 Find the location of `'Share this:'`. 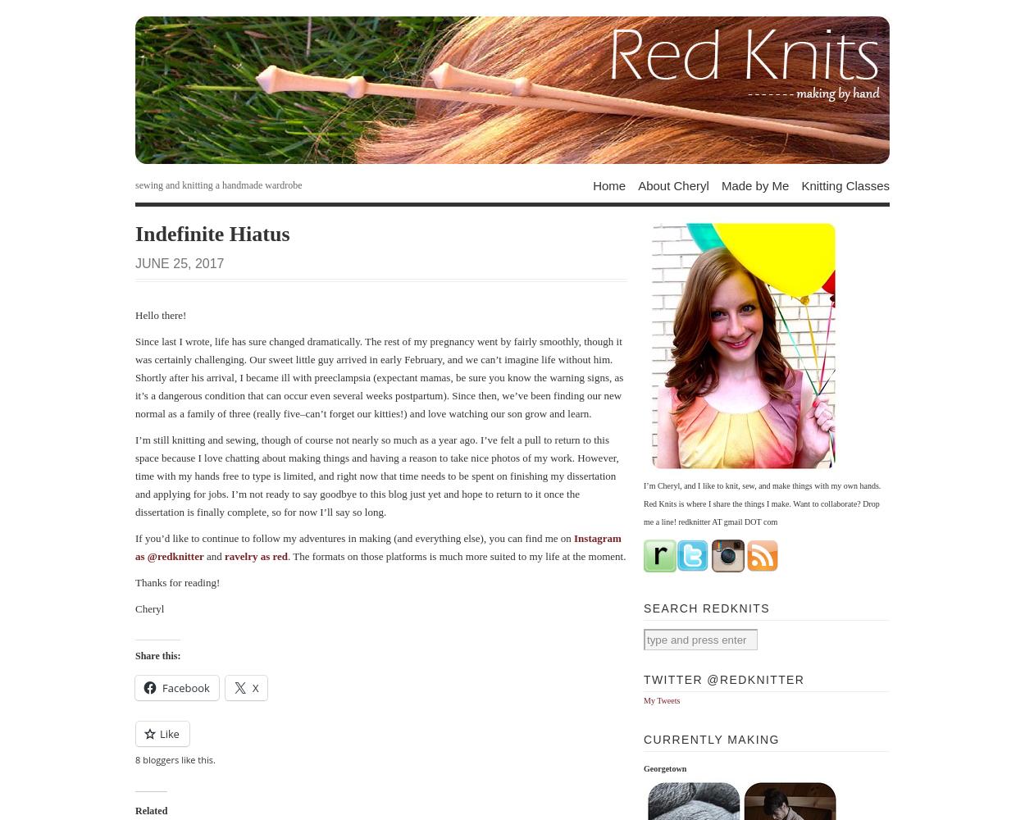

'Share this:' is located at coordinates (157, 656).